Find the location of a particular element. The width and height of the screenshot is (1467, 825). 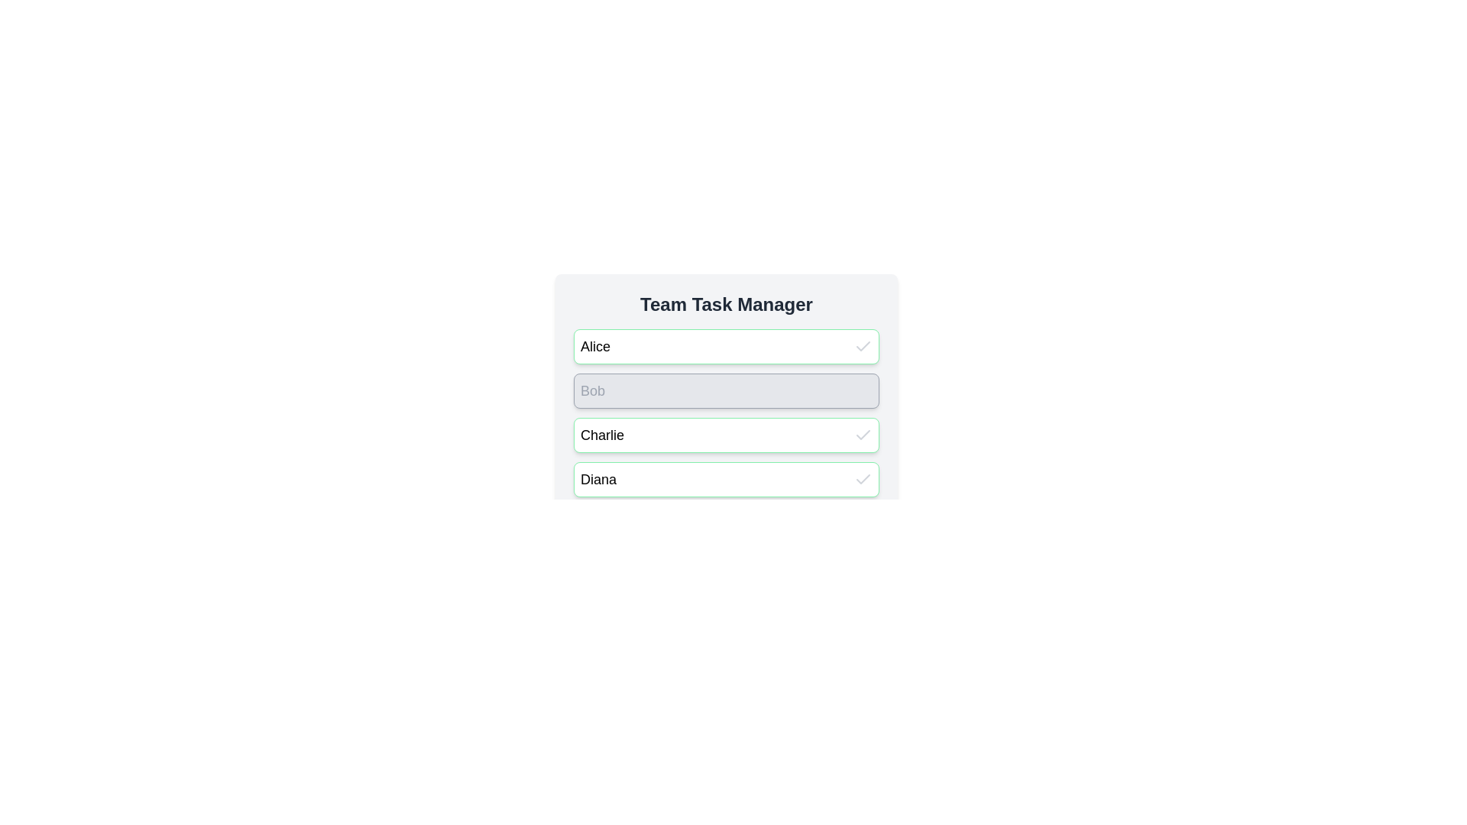

the static text label displaying 'Alice', which is styled with a larger bold font inside a rounded rectangle with a white background and green border is located at coordinates (594, 347).